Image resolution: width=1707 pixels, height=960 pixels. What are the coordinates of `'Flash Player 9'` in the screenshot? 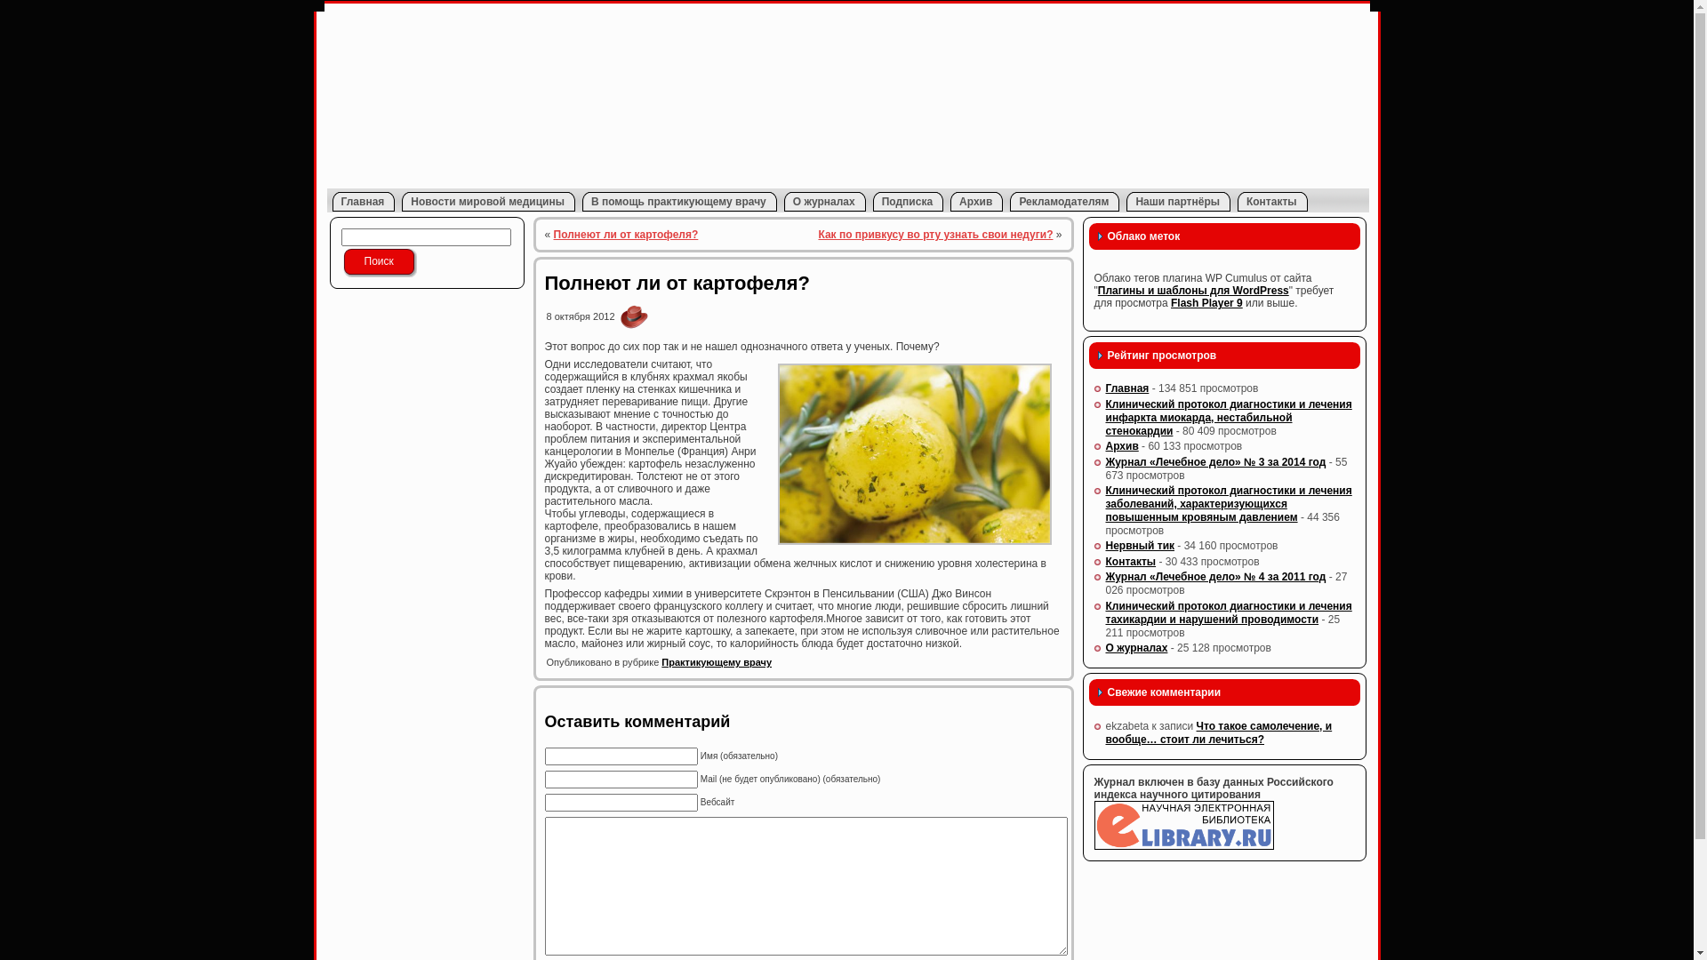 It's located at (1206, 301).